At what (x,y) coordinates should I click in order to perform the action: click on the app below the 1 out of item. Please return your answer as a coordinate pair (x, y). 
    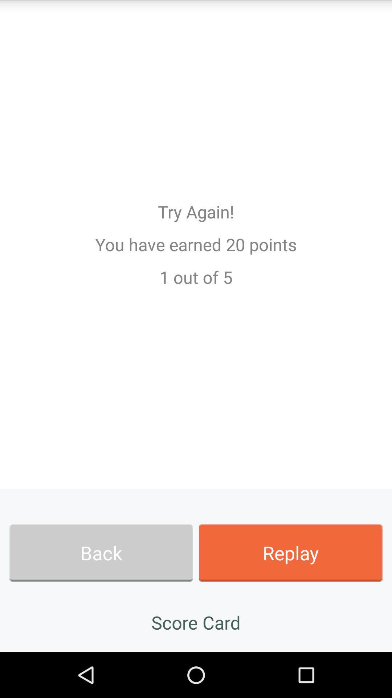
    Looking at the image, I should click on (290, 553).